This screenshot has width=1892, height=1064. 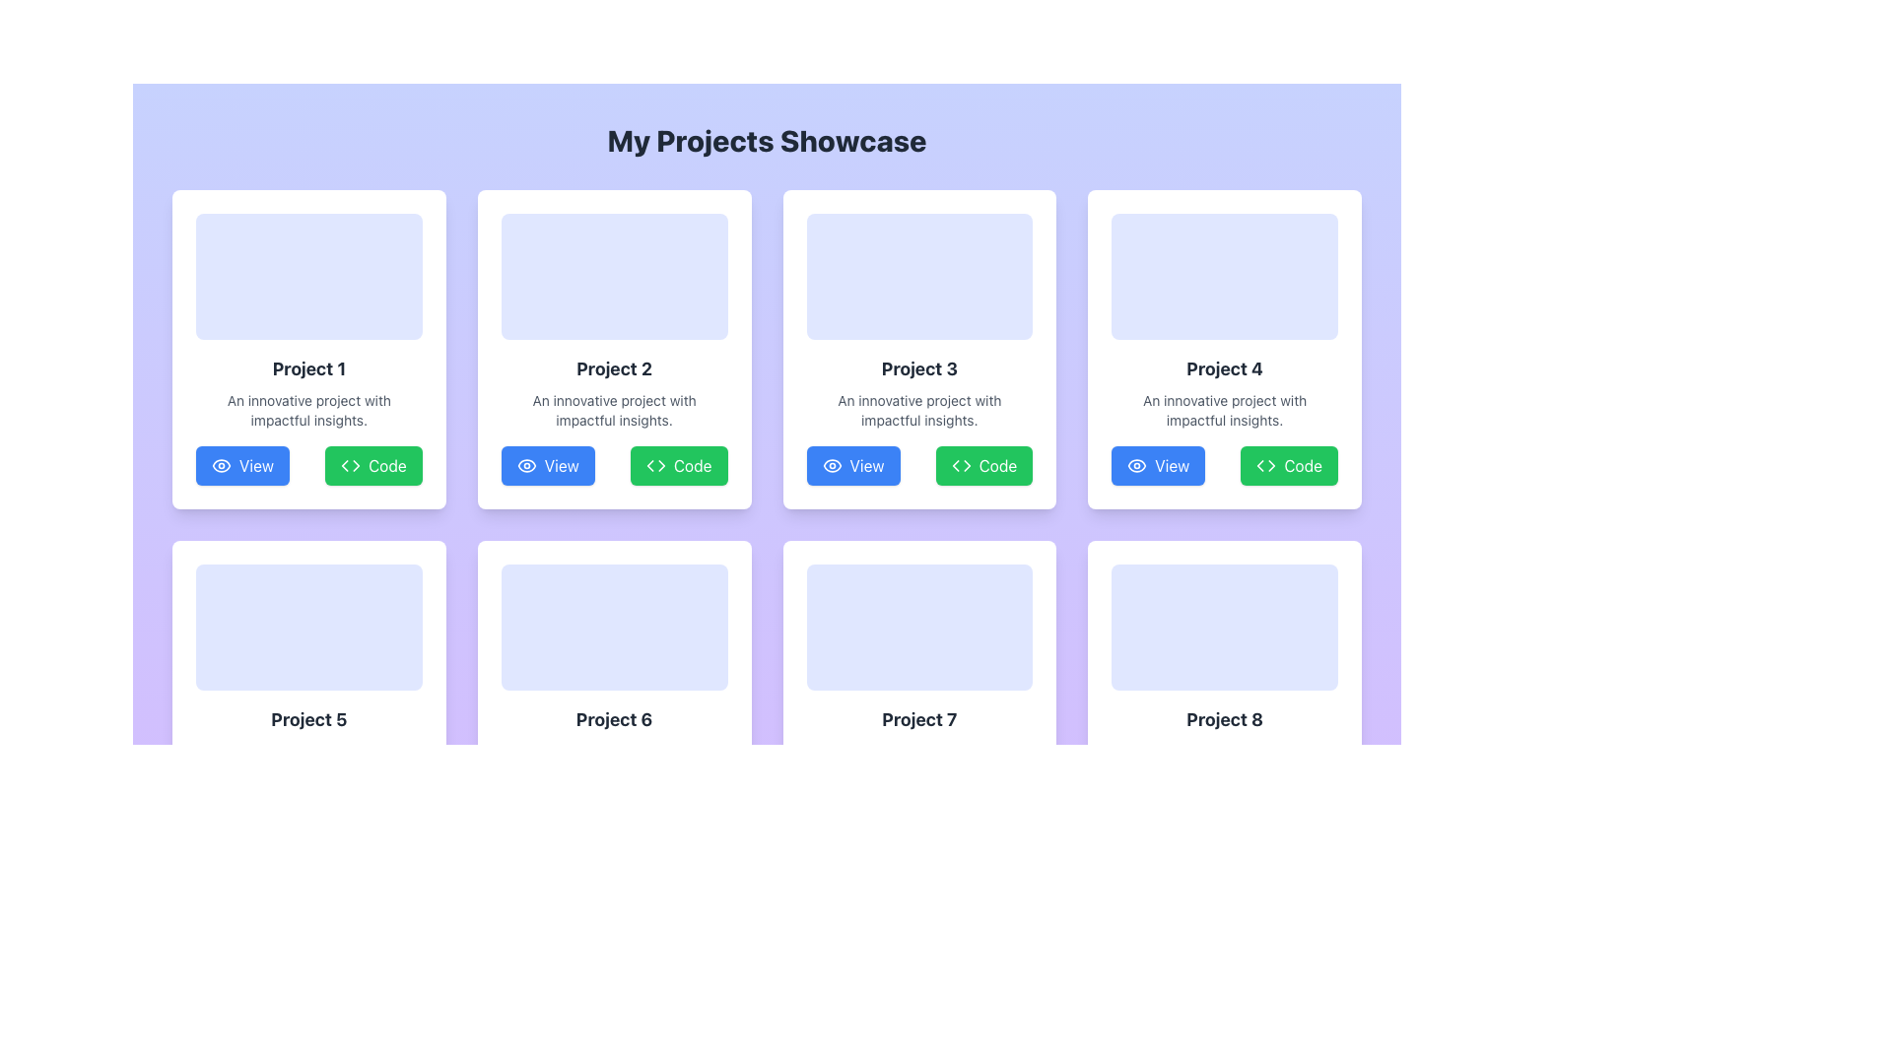 I want to click on the 'Code' button located on the right side of the composite UI component within the bottom section of the 'Project 1' card, so click(x=307, y=466).